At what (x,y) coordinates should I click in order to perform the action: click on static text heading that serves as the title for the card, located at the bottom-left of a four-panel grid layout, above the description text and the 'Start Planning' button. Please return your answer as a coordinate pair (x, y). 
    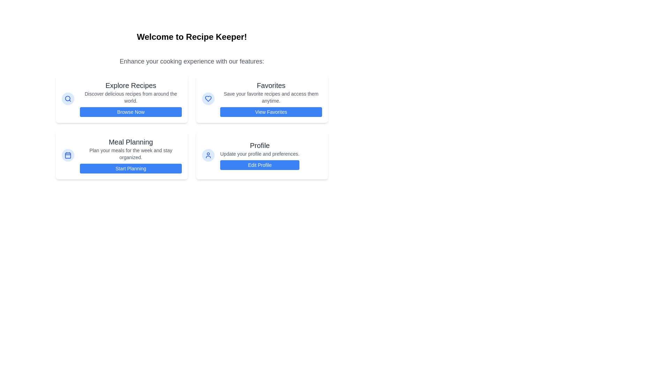
    Looking at the image, I should click on (131, 142).